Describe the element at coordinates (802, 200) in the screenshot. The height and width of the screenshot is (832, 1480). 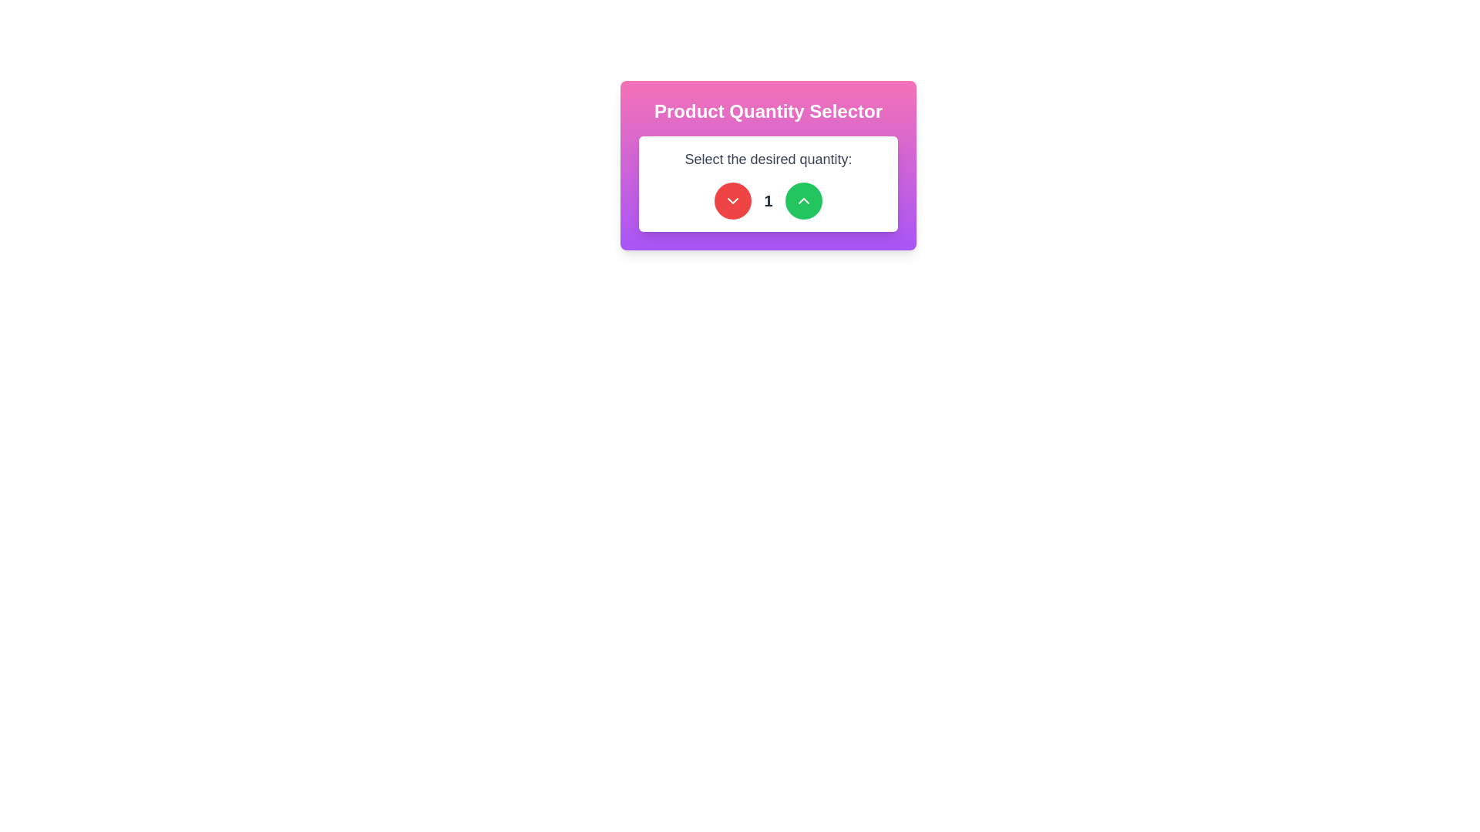
I see `the small upward-pointing chevron icon with a green circular background located in the 'Product Quantity Selector' section, adjacent to the text '1'` at that location.